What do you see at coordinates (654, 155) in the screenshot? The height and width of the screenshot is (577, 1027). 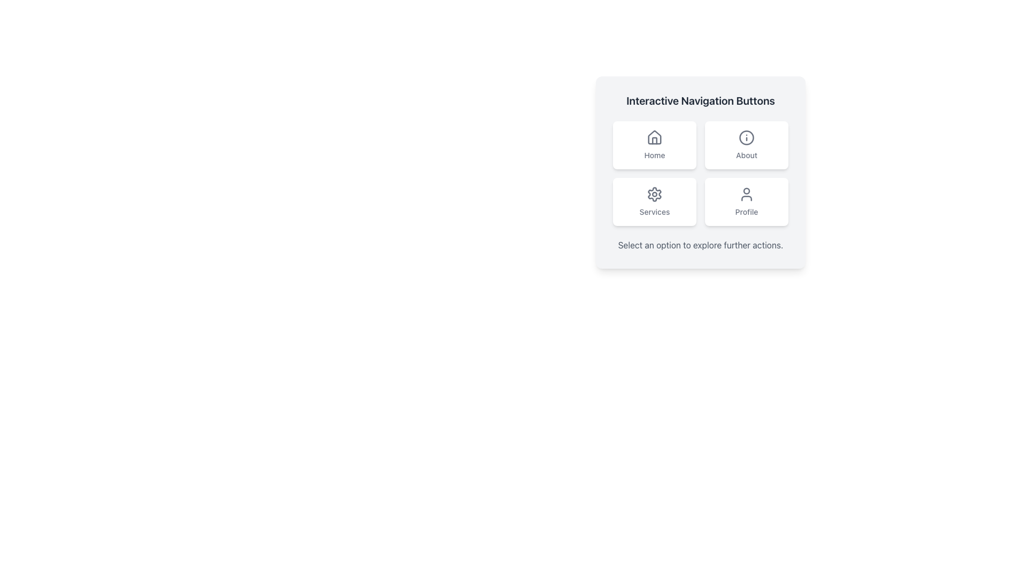 I see `the 'Home' text label in the navigation interface, which is located beneath the house icon in the card labeled 'Interactive Navigation Buttons'` at bounding box center [654, 155].